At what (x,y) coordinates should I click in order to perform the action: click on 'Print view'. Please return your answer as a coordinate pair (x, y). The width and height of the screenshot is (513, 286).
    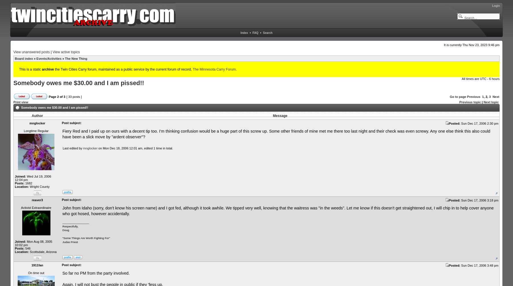
    Looking at the image, I should click on (13, 102).